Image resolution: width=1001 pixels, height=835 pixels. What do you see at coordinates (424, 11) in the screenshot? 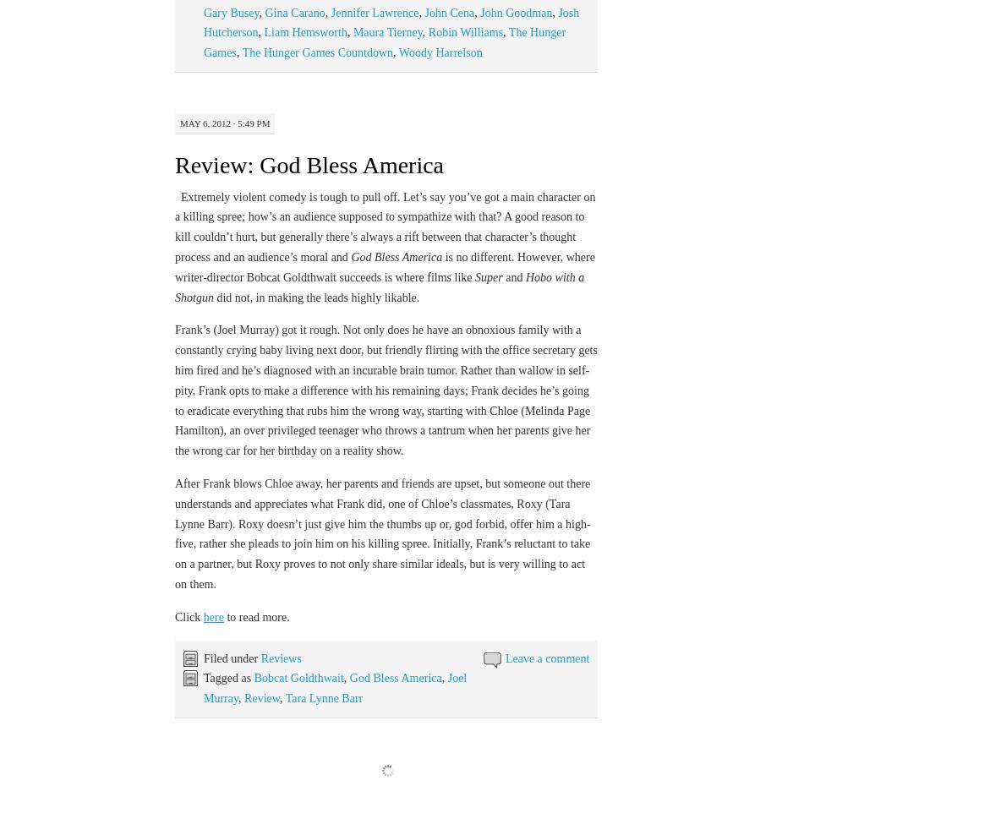
I see `'John Cena'` at bounding box center [424, 11].